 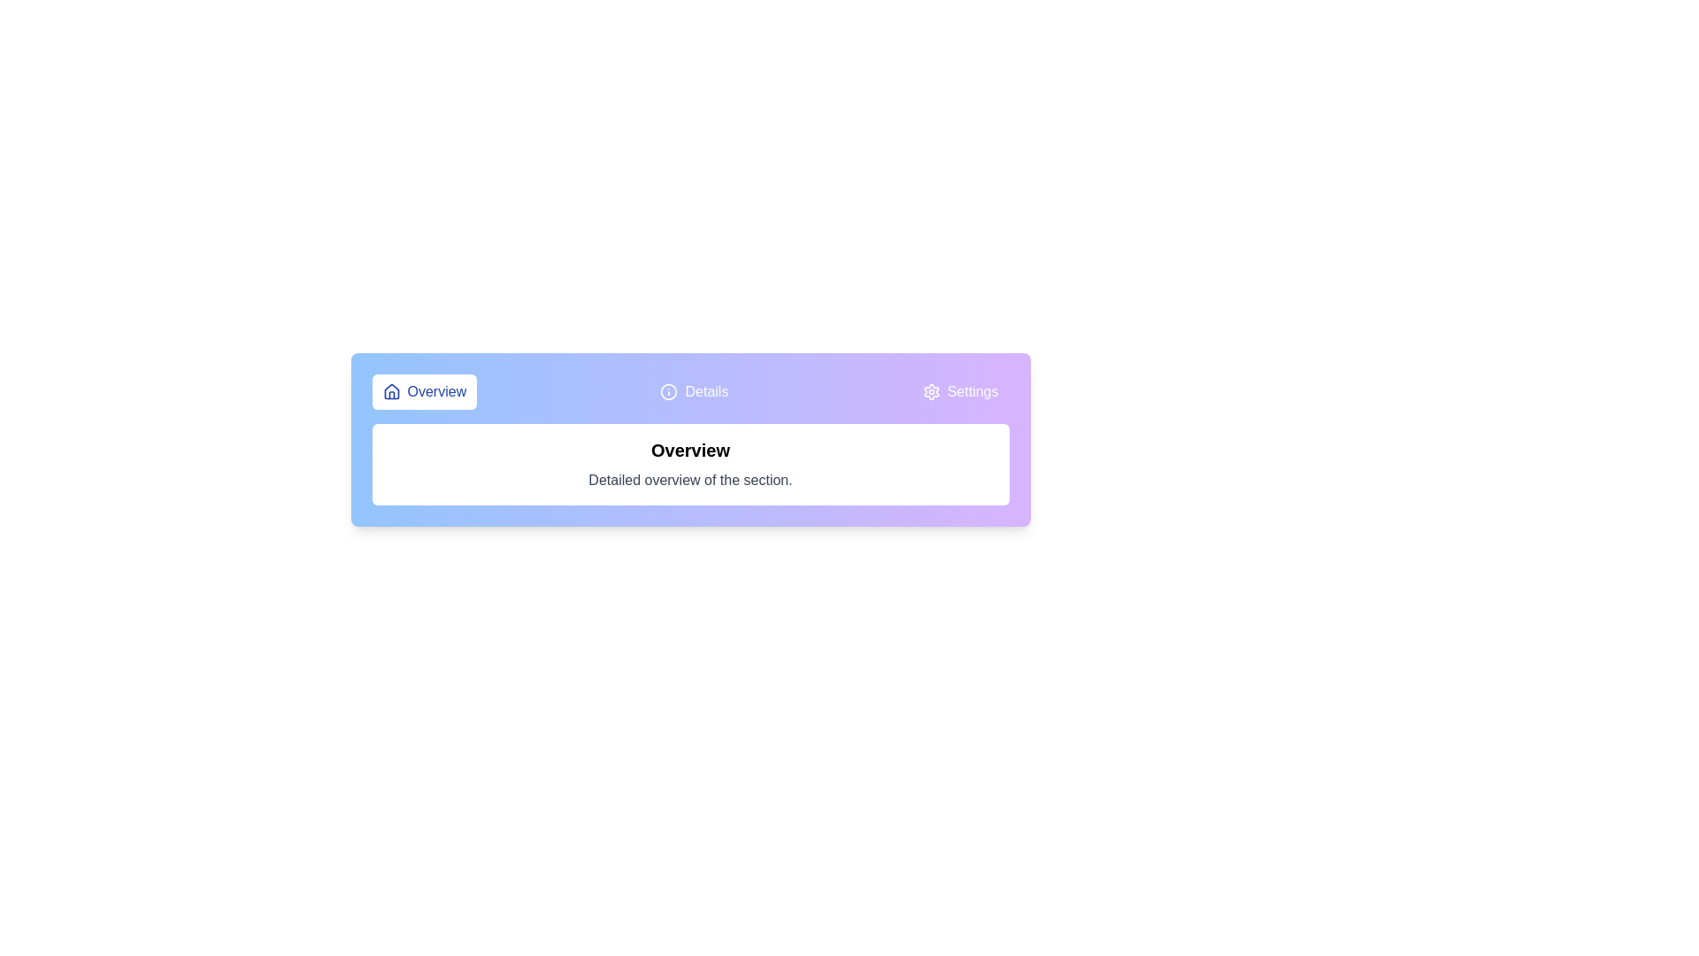 What do you see at coordinates (390, 391) in the screenshot?
I see `the icon representing the 'Overview' section, located to the left of the text label 'Overview'` at bounding box center [390, 391].